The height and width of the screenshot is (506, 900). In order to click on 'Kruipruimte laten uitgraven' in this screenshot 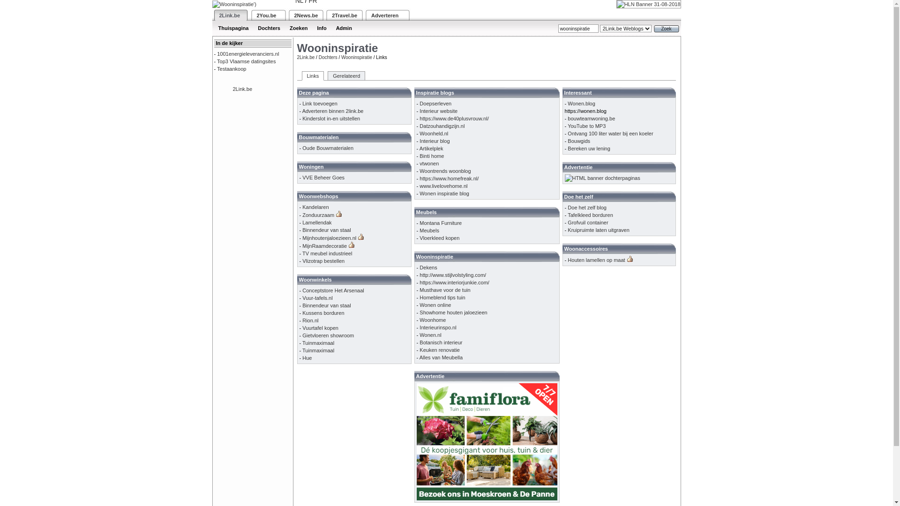, I will do `click(598, 230)`.